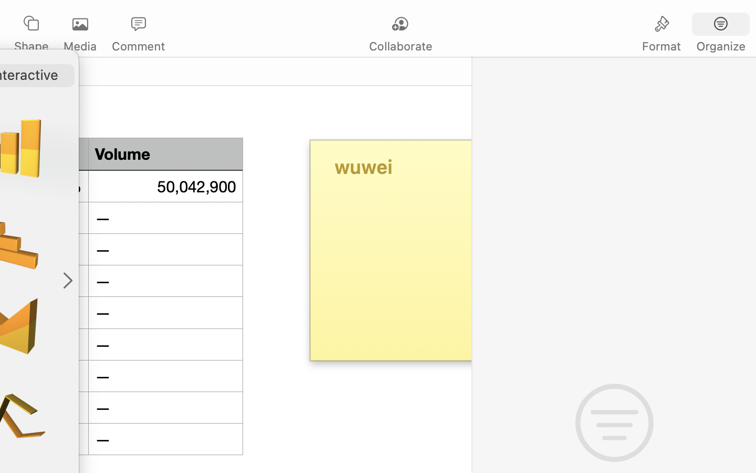 The image size is (756, 473). What do you see at coordinates (79, 46) in the screenshot?
I see `'Media'` at bounding box center [79, 46].